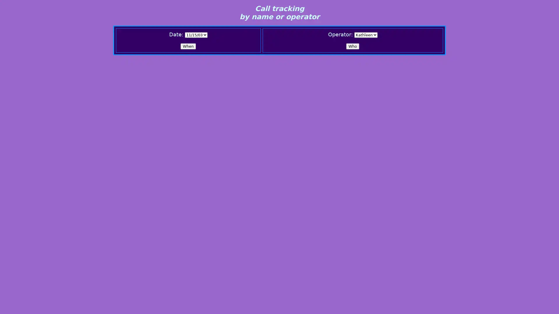 The image size is (559, 314). I want to click on Who, so click(352, 46).